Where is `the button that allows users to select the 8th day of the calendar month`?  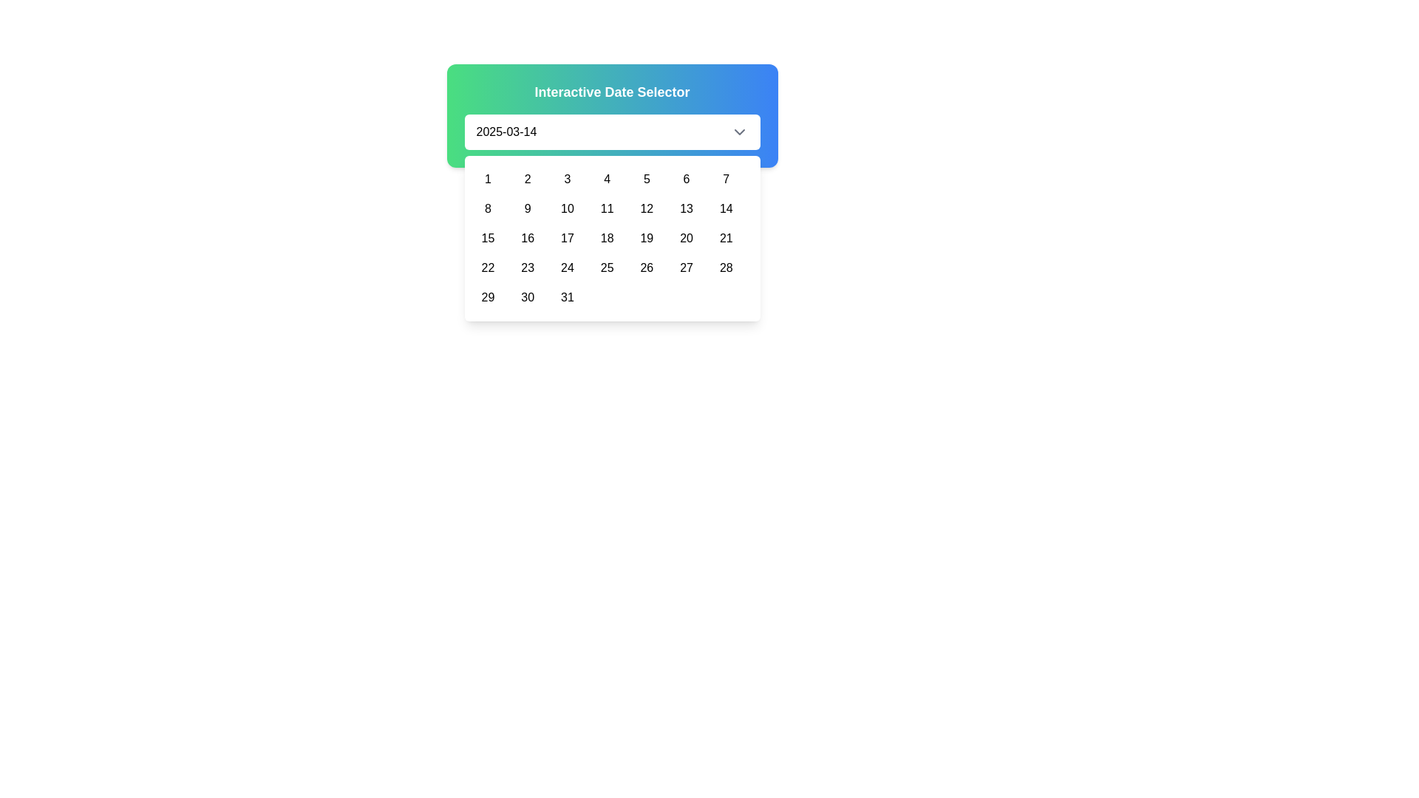 the button that allows users to select the 8th day of the calendar month is located at coordinates (488, 208).